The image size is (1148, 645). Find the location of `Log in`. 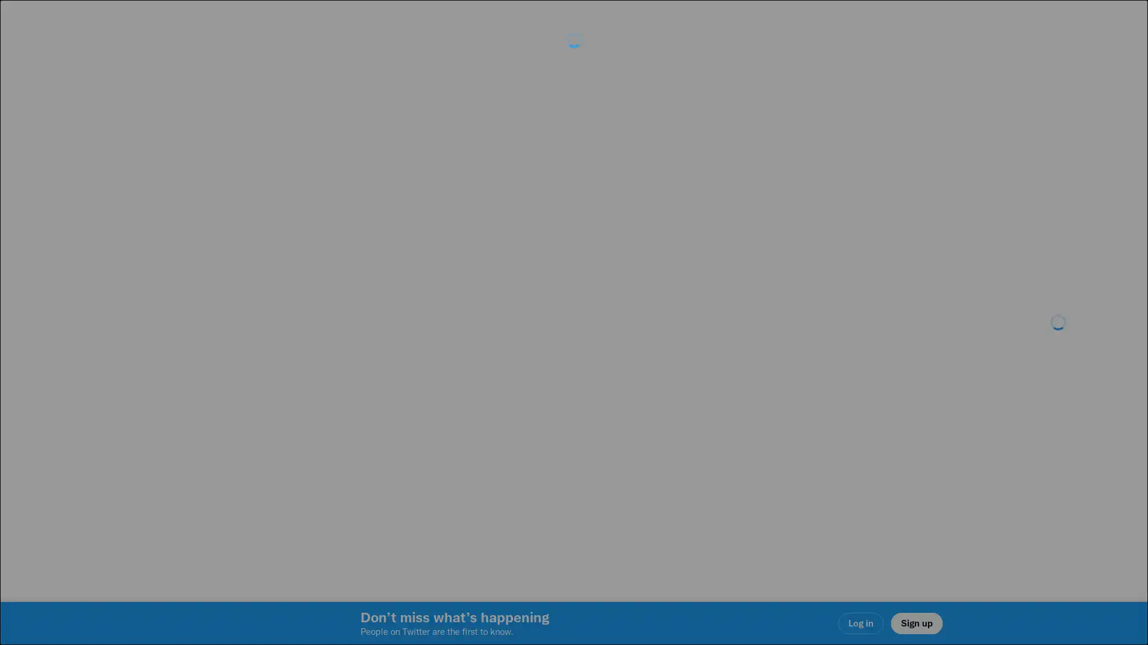

Log in is located at coordinates (717, 407).